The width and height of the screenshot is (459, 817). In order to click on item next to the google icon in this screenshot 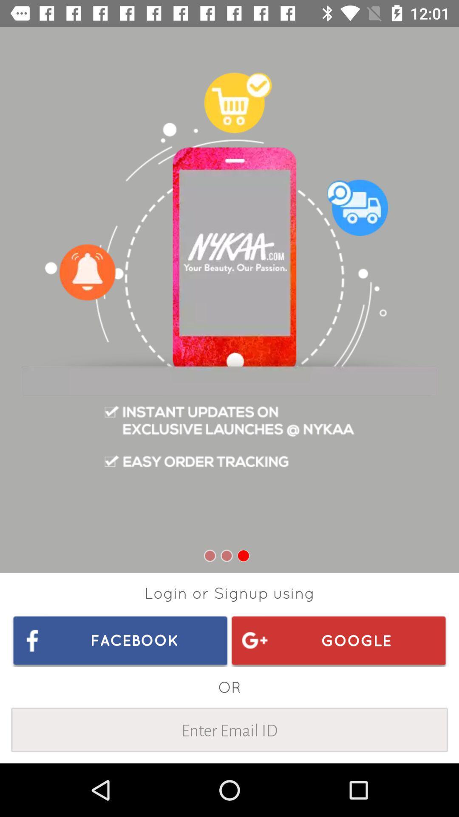, I will do `click(120, 640)`.